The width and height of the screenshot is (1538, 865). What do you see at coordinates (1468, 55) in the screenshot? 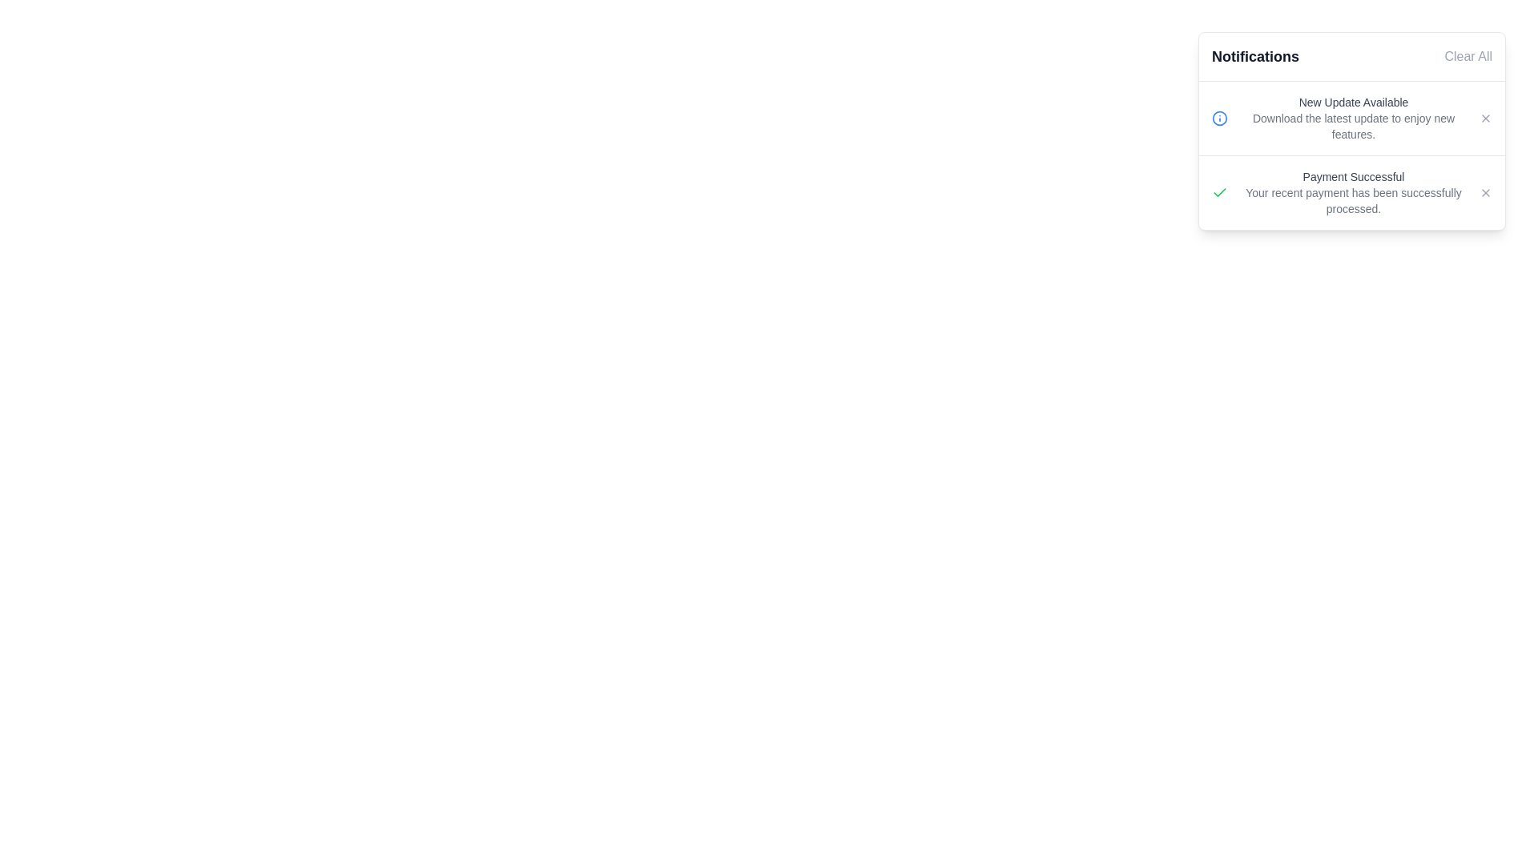
I see `the clear notifications button located at the top-right corner of the notification card to change its color to red` at bounding box center [1468, 55].